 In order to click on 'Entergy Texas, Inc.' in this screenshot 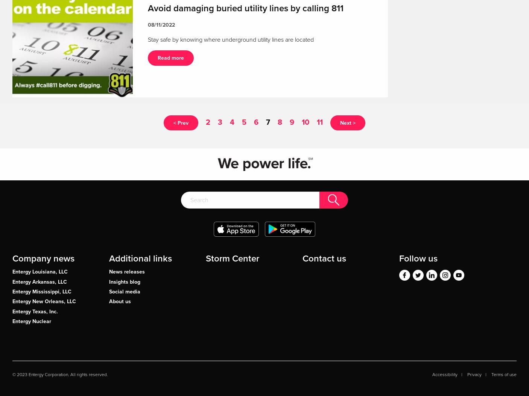, I will do `click(35, 311)`.